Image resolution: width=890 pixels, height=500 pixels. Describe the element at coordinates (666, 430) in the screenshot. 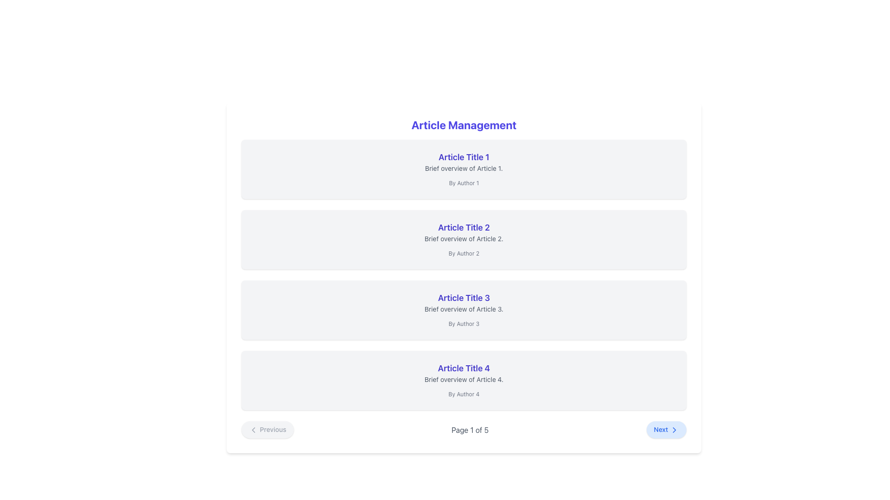

I see `the 'Next' button, which is a rounded button with a light blue background and bold blue text that reads 'Next', to trigger hover effects` at that location.